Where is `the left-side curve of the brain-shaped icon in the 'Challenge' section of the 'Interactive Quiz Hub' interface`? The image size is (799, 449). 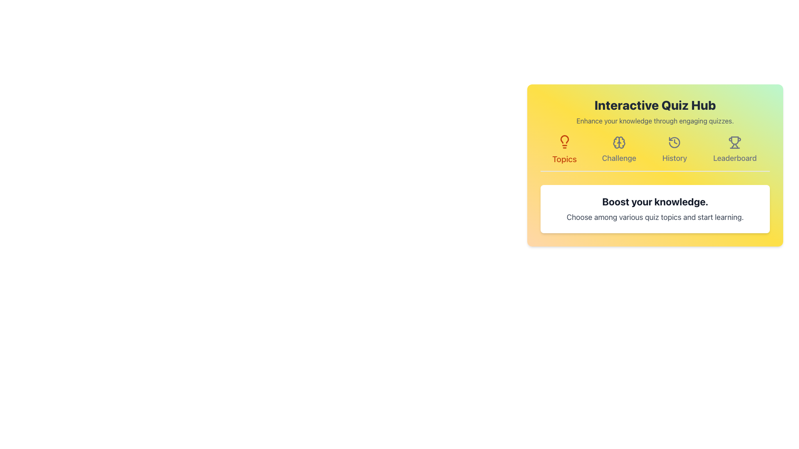
the left-side curve of the brain-shaped icon in the 'Challenge' section of the 'Interactive Quiz Hub' interface is located at coordinates (616, 142).